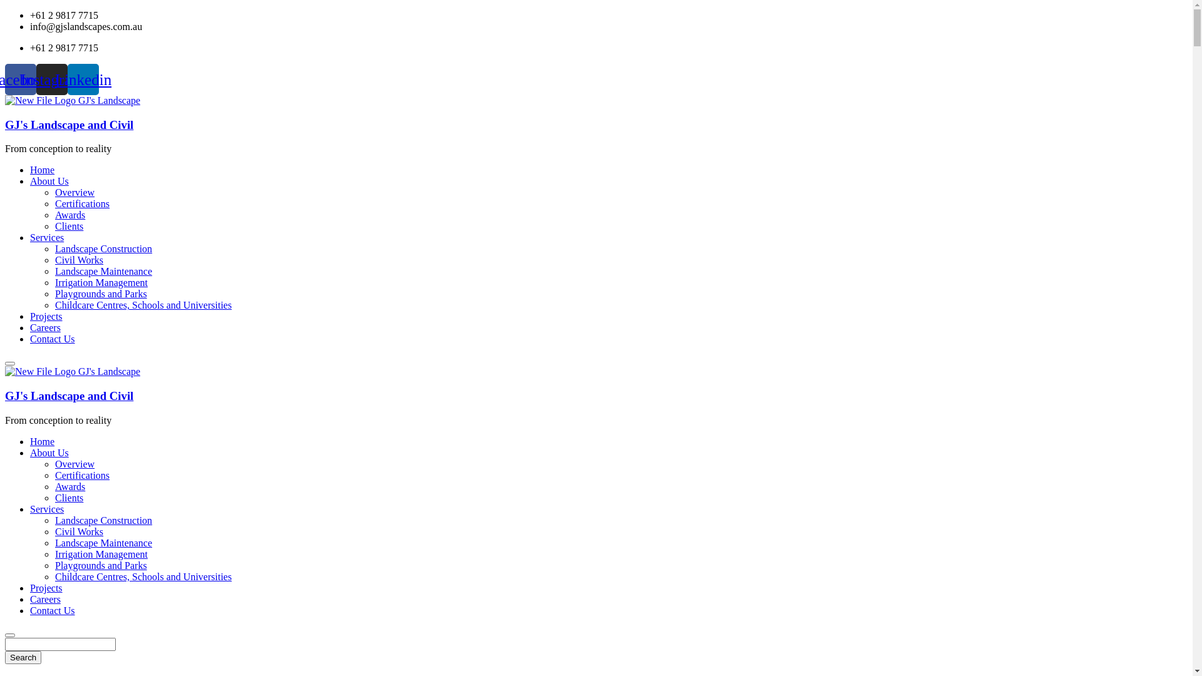 The height and width of the screenshot is (676, 1202). Describe the element at coordinates (51, 339) in the screenshot. I see `'Contact Us'` at that location.